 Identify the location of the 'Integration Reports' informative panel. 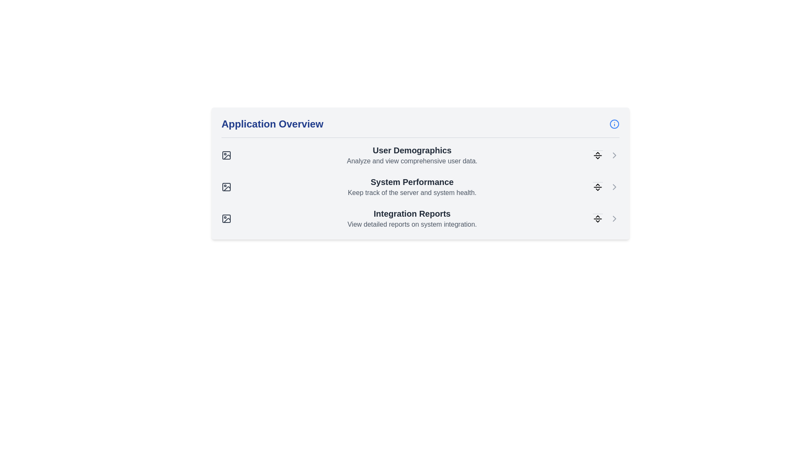
(421, 218).